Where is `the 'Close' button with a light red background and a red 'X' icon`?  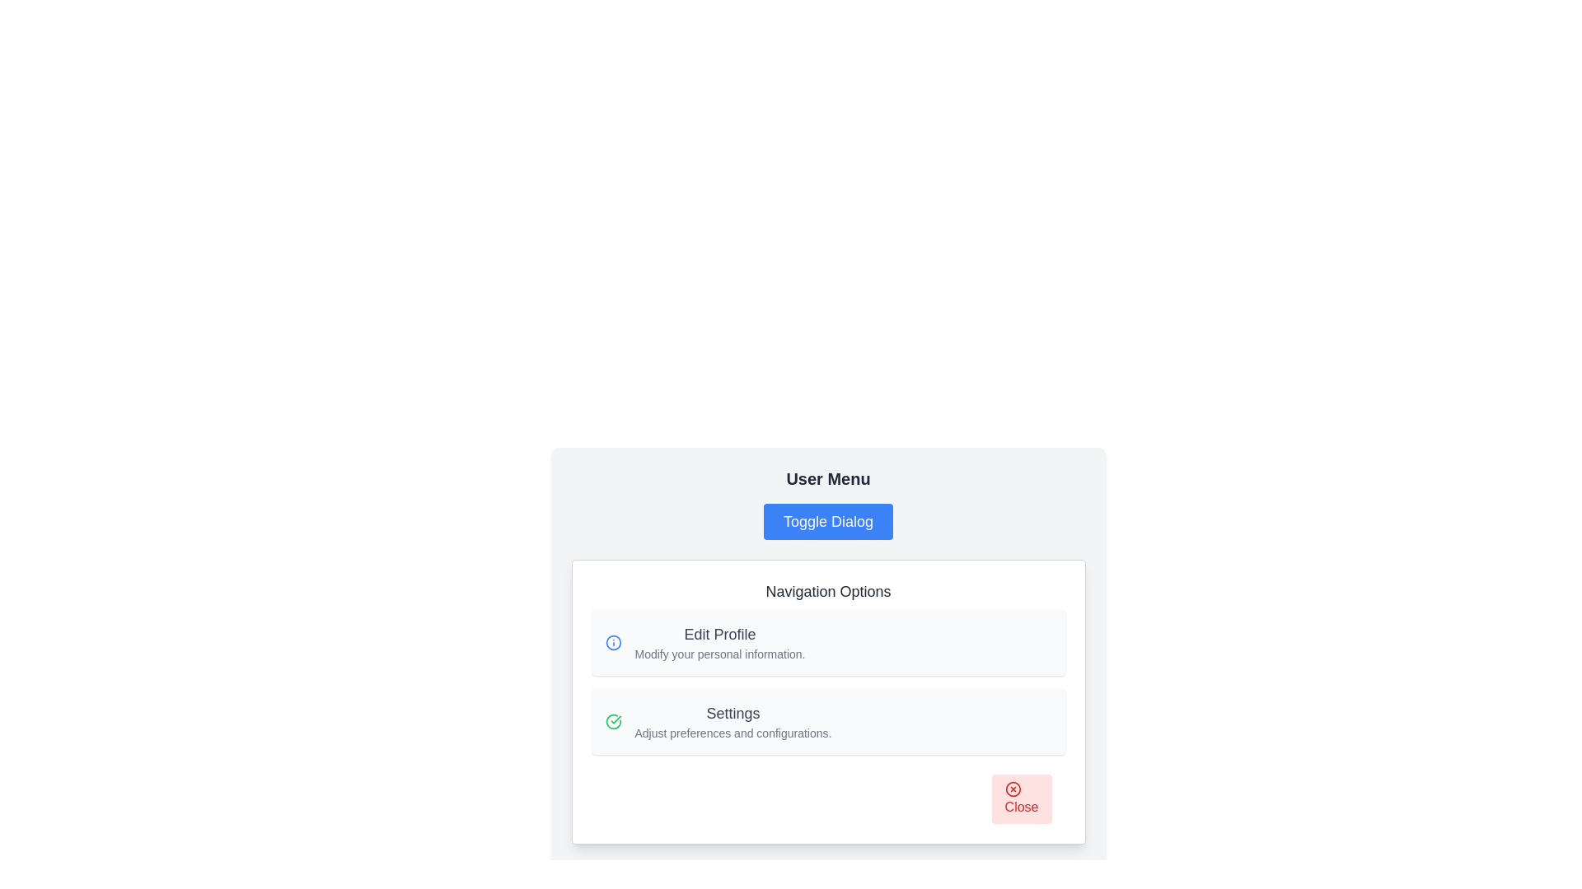 the 'Close' button with a light red background and a red 'X' icon is located at coordinates (1021, 798).